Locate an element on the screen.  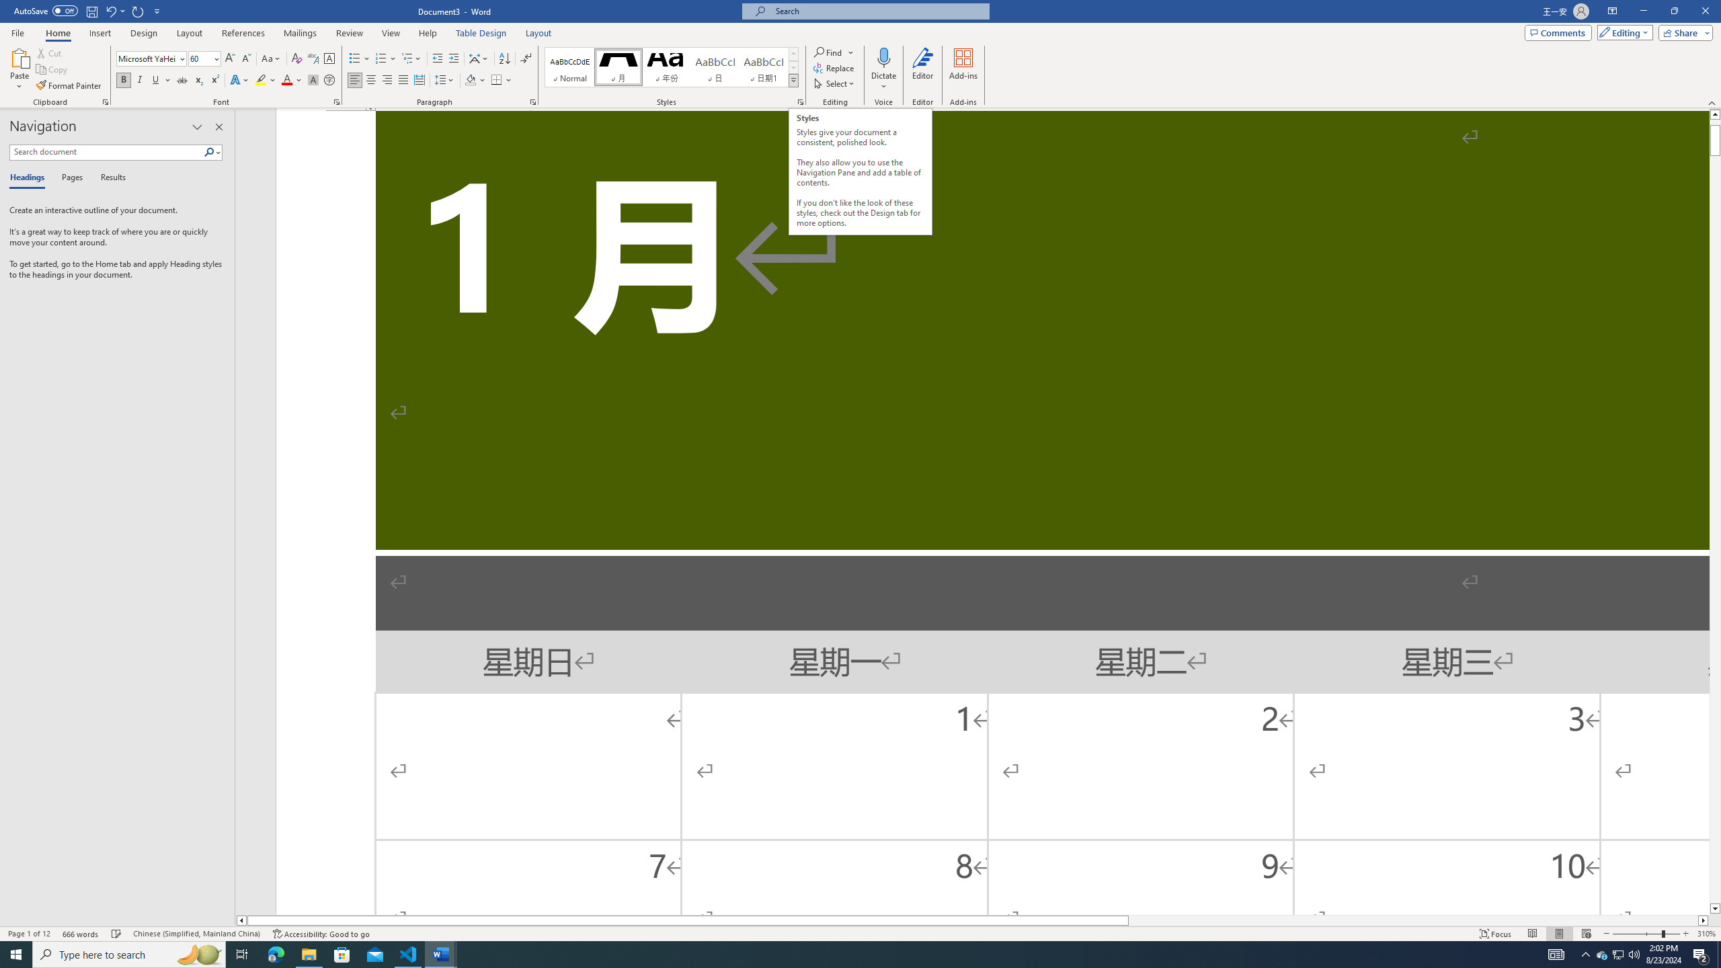
'Shrink Font' is located at coordinates (246, 58).